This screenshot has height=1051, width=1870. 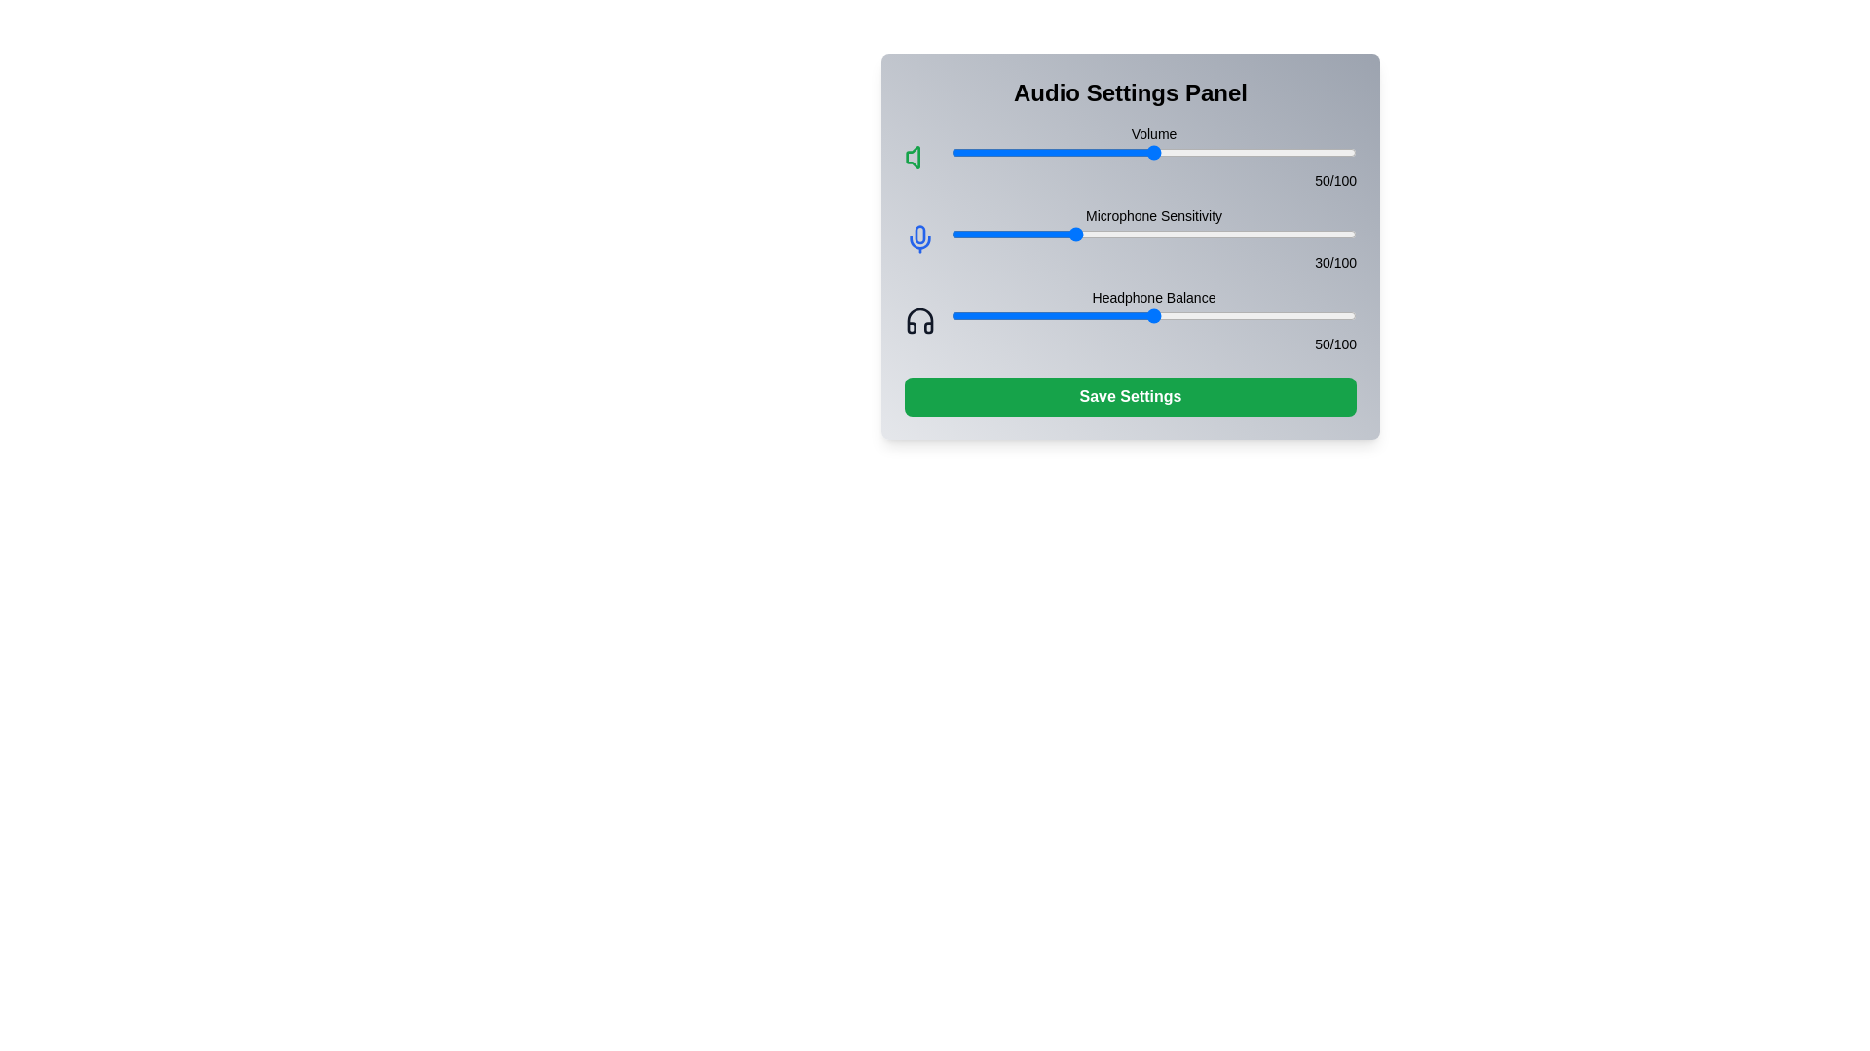 I want to click on microphone sensitivity, so click(x=1051, y=233).